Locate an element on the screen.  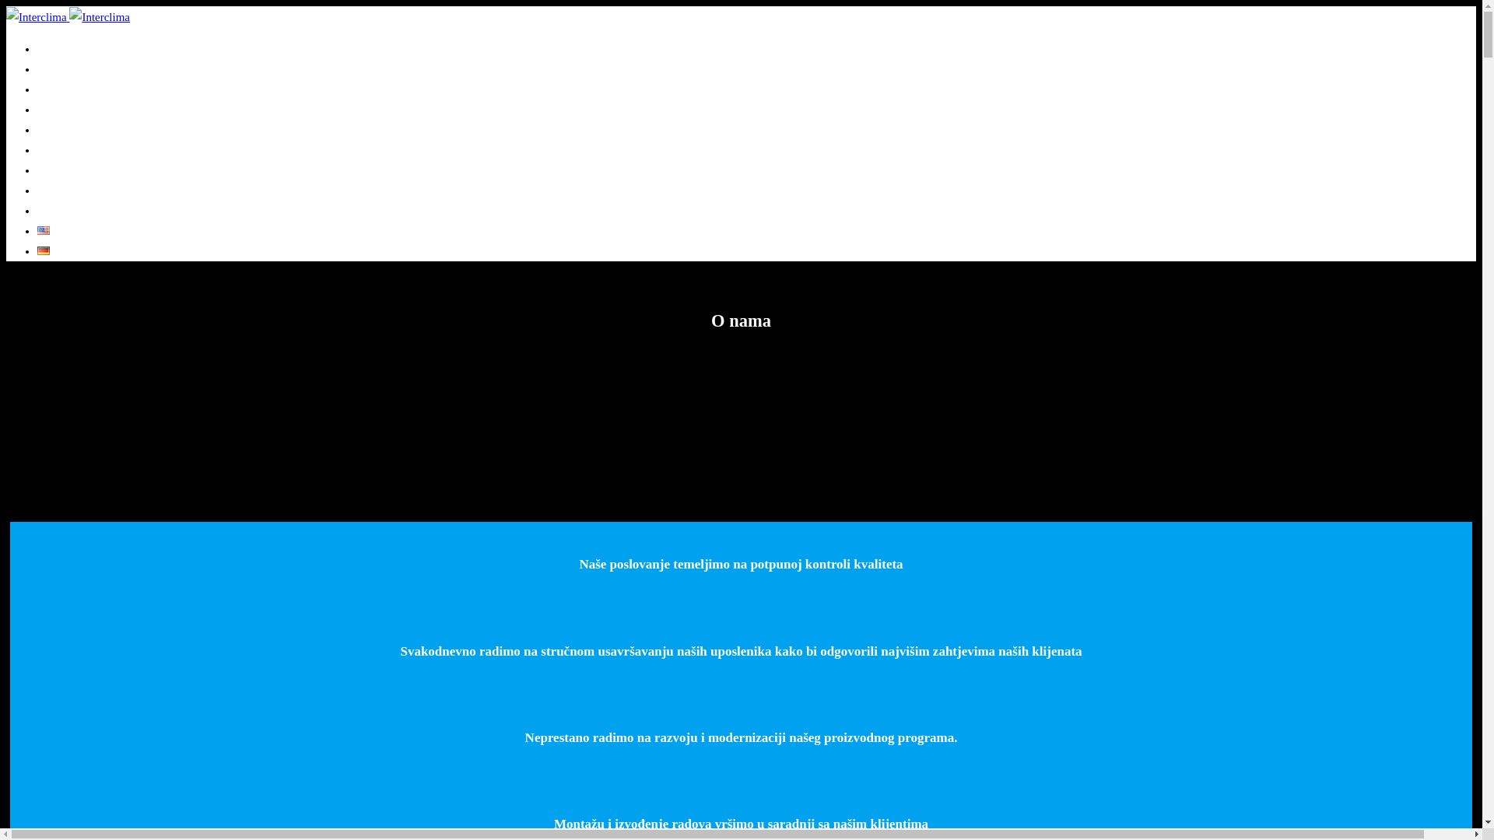
'Reference' is located at coordinates (62, 170).